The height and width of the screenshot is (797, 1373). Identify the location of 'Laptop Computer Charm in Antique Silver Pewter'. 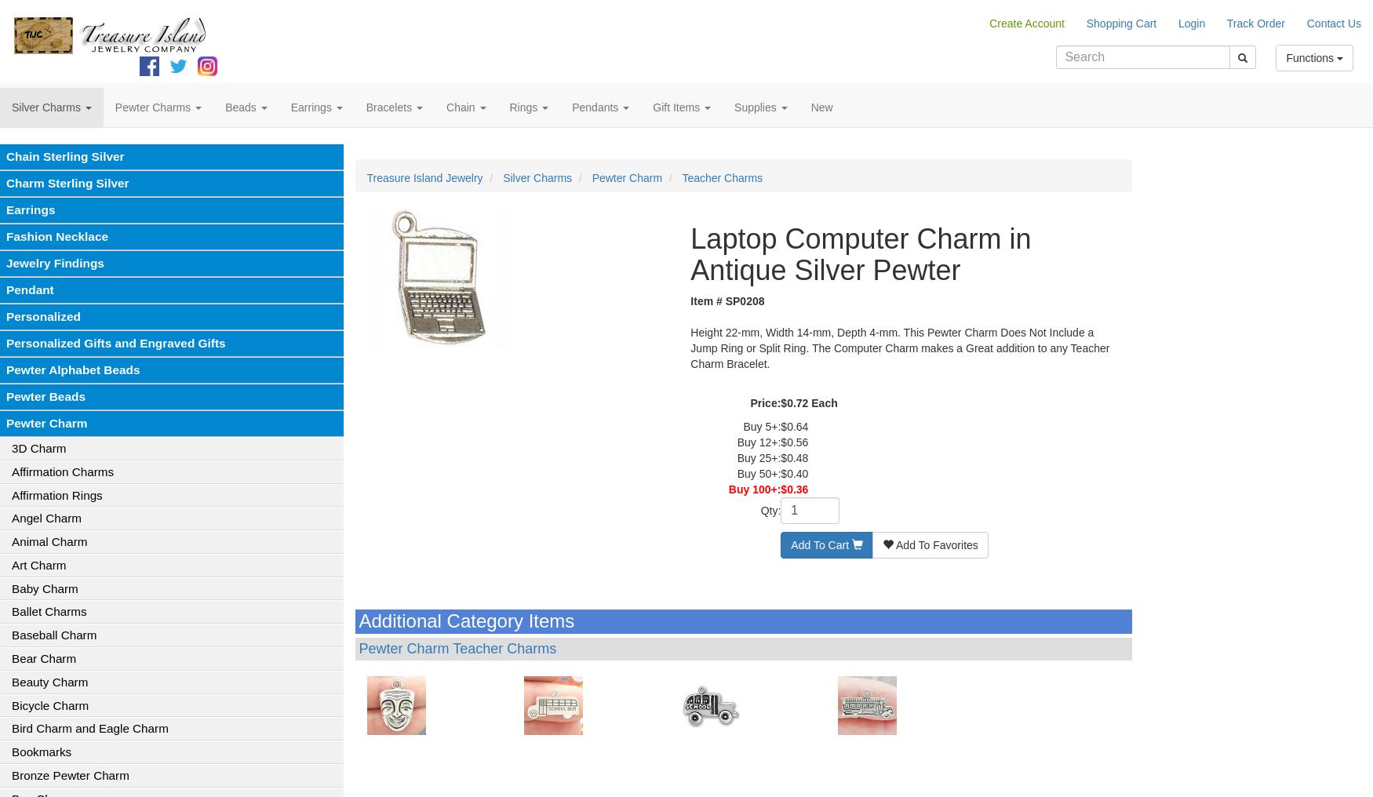
(861, 254).